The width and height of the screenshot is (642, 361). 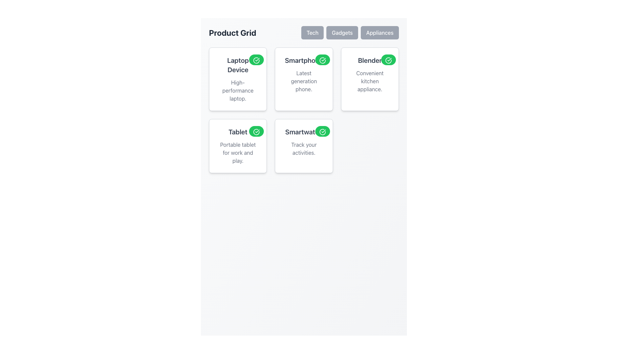 What do you see at coordinates (322, 59) in the screenshot?
I see `the button located at the top-right corner of the 'Smartphone' card, adjacent to the title 'Smartphone' and the description 'Latest generation phone'` at bounding box center [322, 59].